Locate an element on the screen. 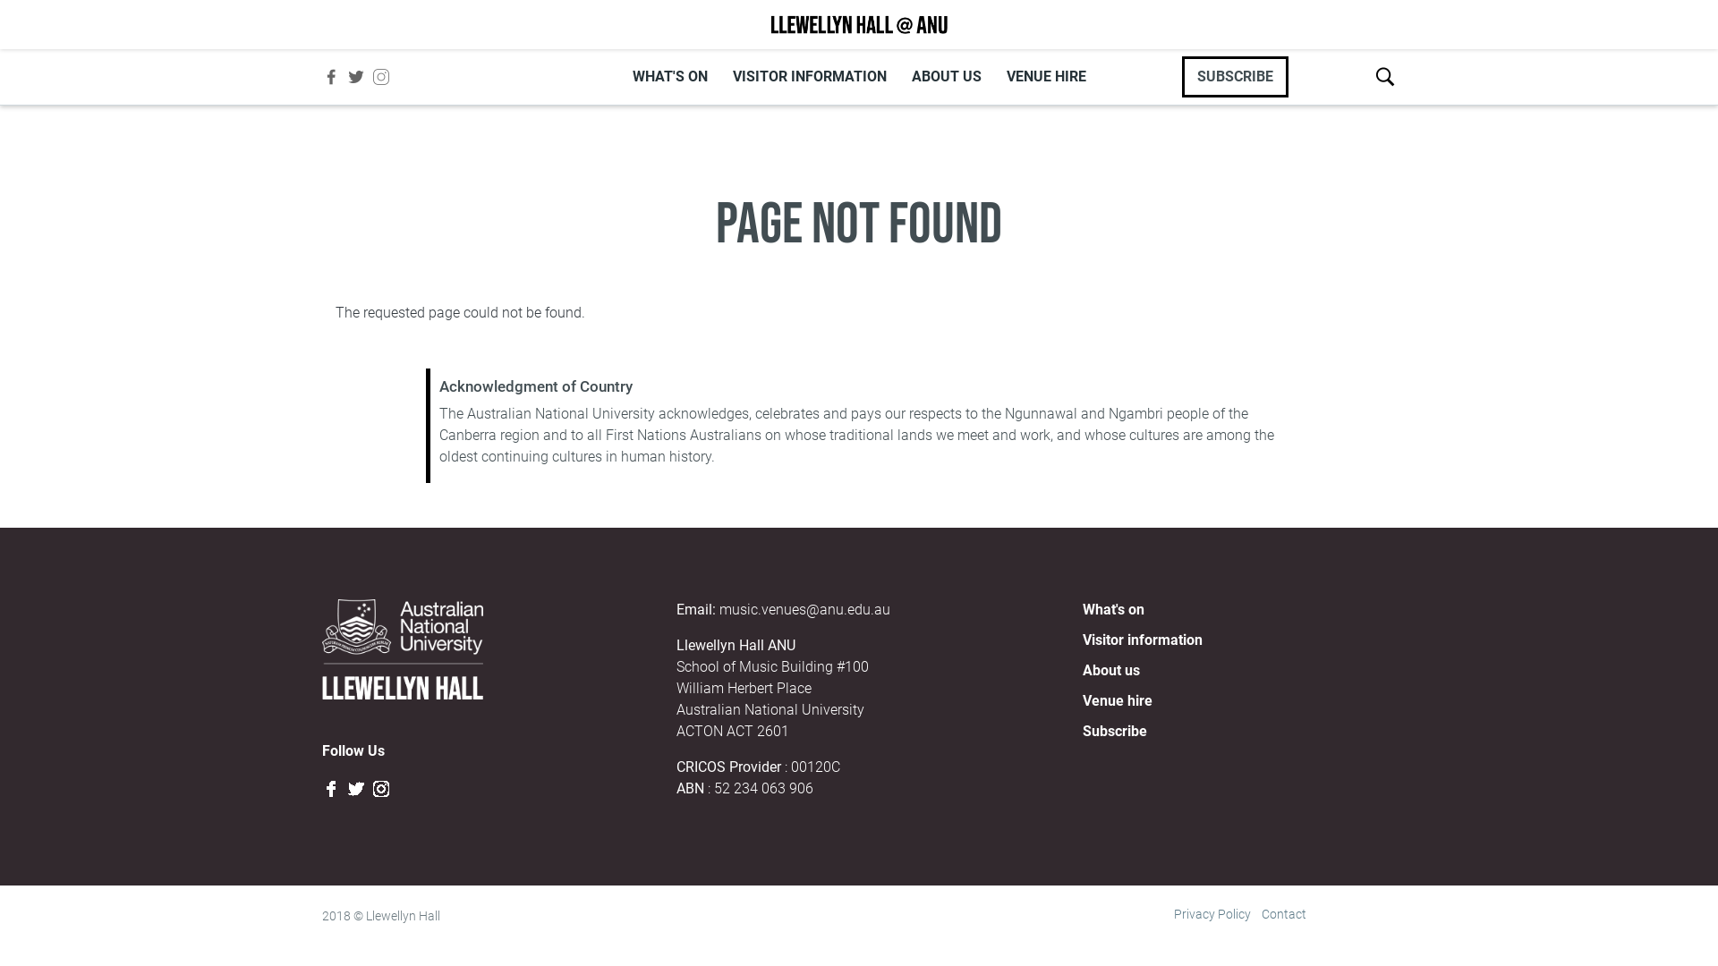 The height and width of the screenshot is (966, 1718). 'VISITOR INFORMATION' is located at coordinates (807, 75).